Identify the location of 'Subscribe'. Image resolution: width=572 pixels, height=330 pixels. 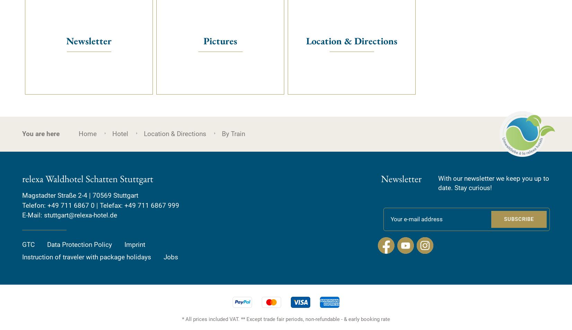
(519, 219).